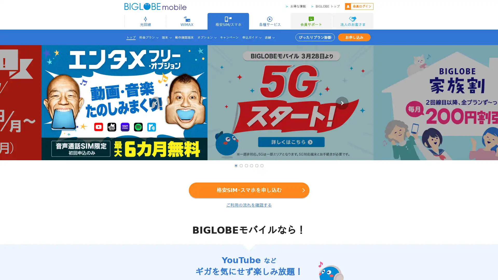  Describe the element at coordinates (257, 166) in the screenshot. I see `5` at that location.